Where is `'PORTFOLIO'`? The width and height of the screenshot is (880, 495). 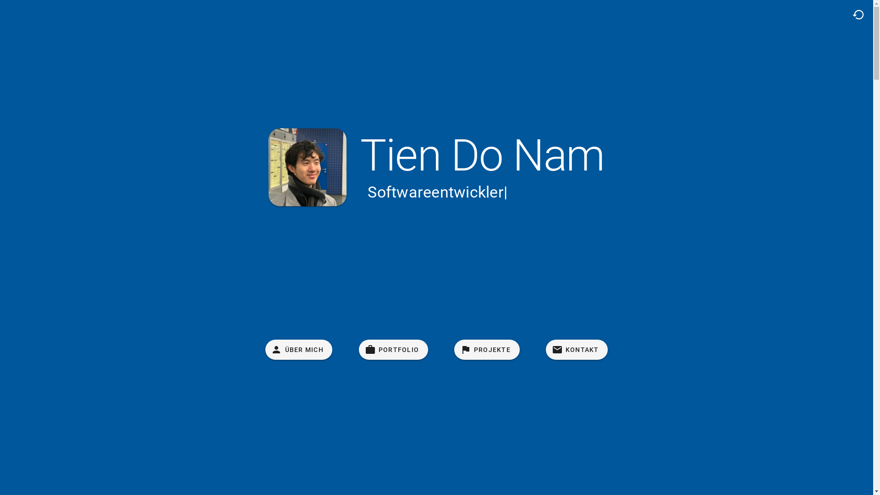 'PORTFOLIO' is located at coordinates (393, 350).